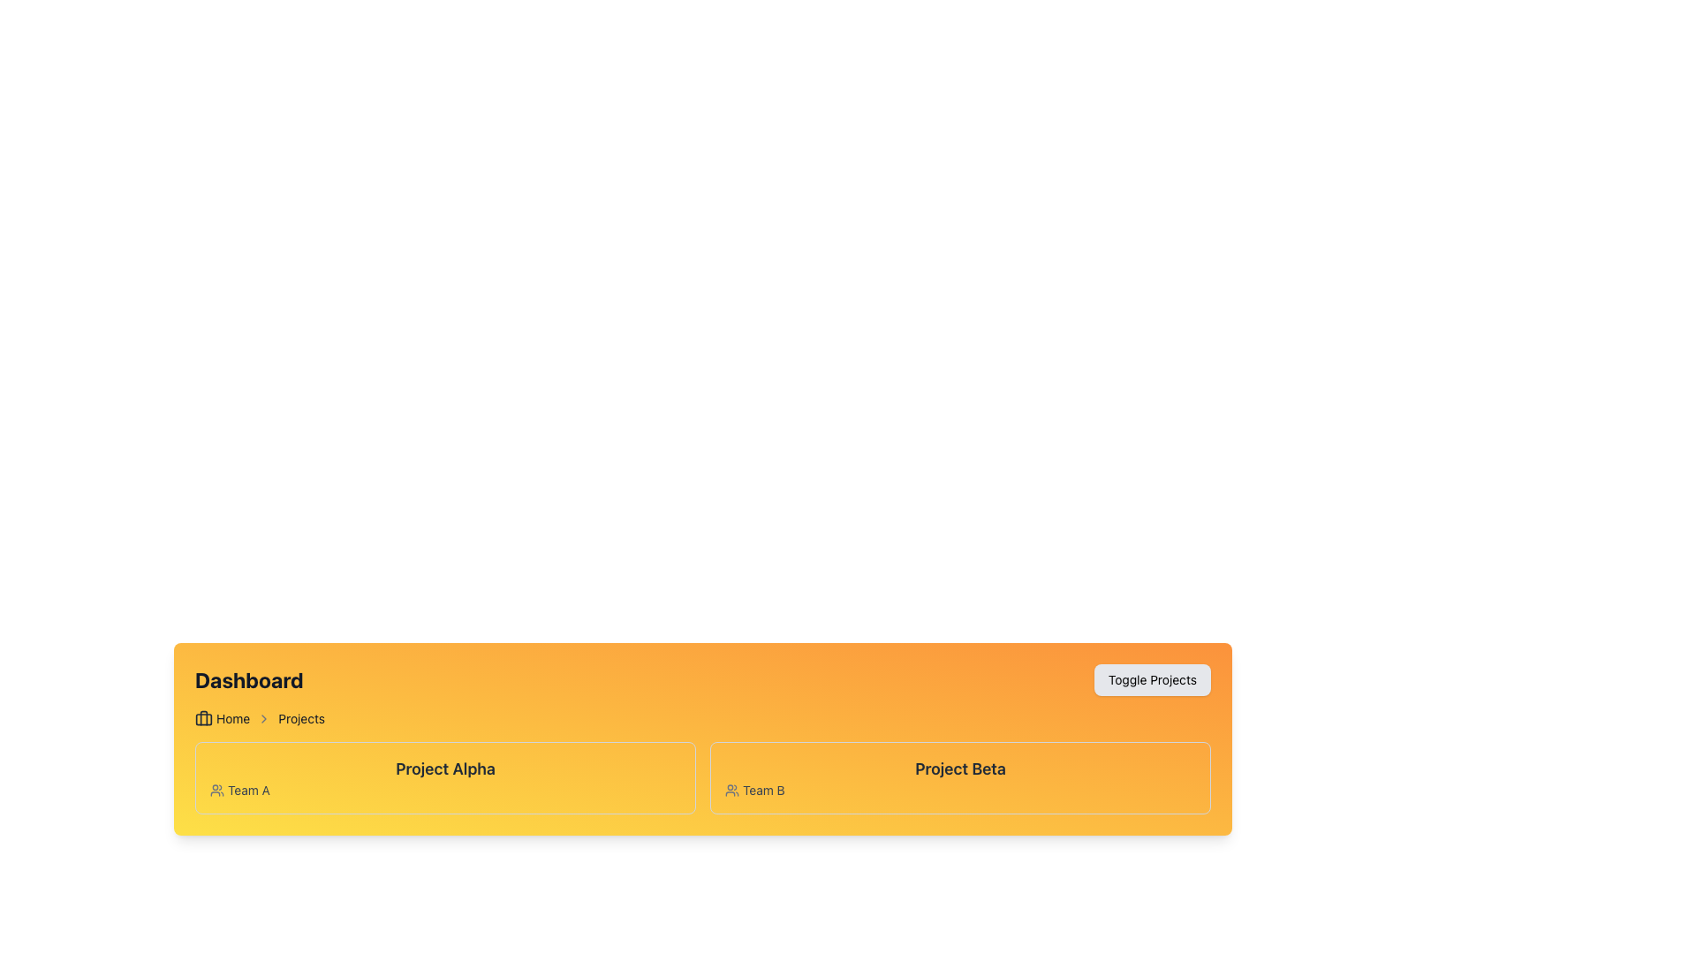 This screenshot has width=1696, height=954. Describe the element at coordinates (959, 768) in the screenshot. I see `the text label that identifies the section titled 'Project Beta', located in the second section from the left, above the smaller text 'Team B'` at that location.